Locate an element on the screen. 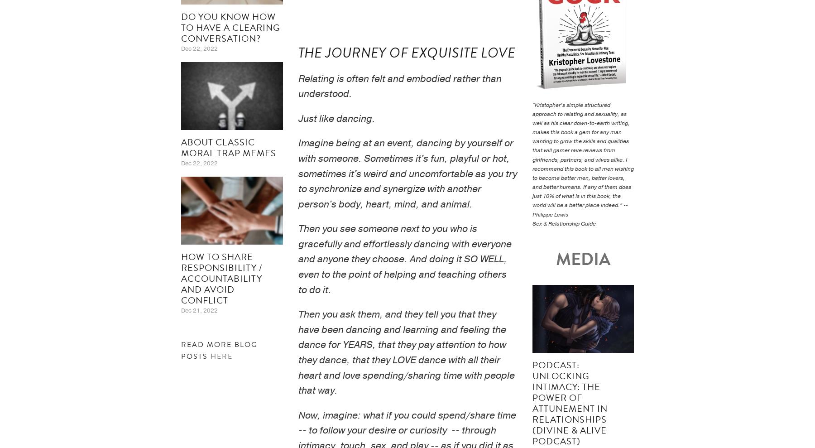  'About Classic Moral Trap Memes' is located at coordinates (228, 147).